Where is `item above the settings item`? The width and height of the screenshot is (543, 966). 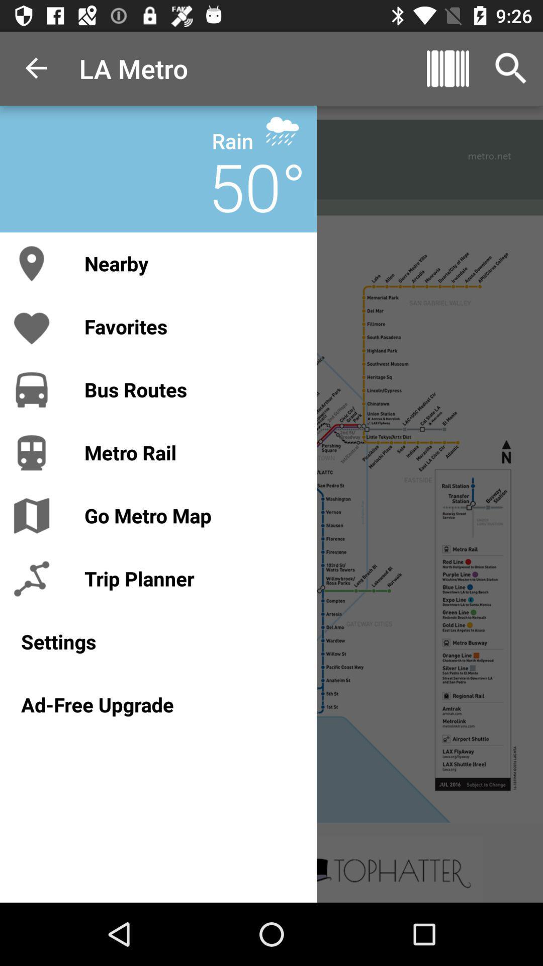
item above the settings item is located at coordinates (190, 579).